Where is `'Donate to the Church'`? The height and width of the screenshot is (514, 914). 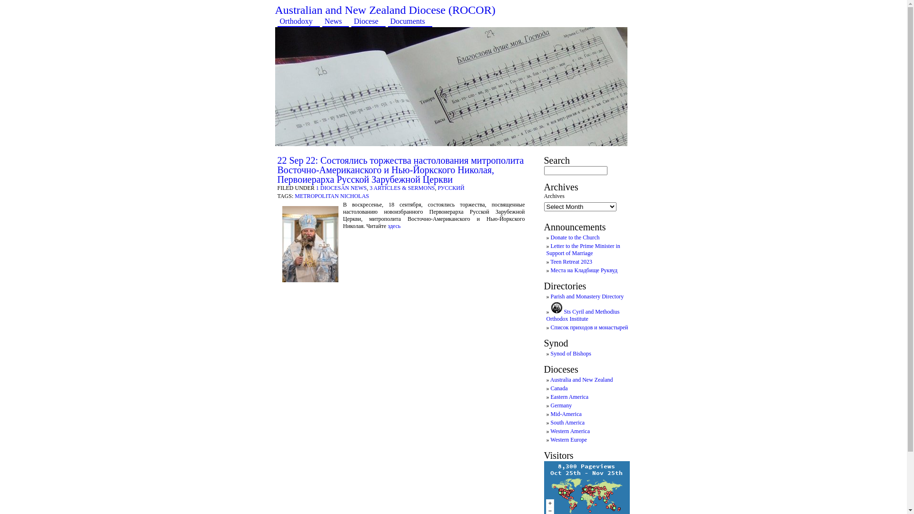
'Donate to the Church' is located at coordinates (550, 237).